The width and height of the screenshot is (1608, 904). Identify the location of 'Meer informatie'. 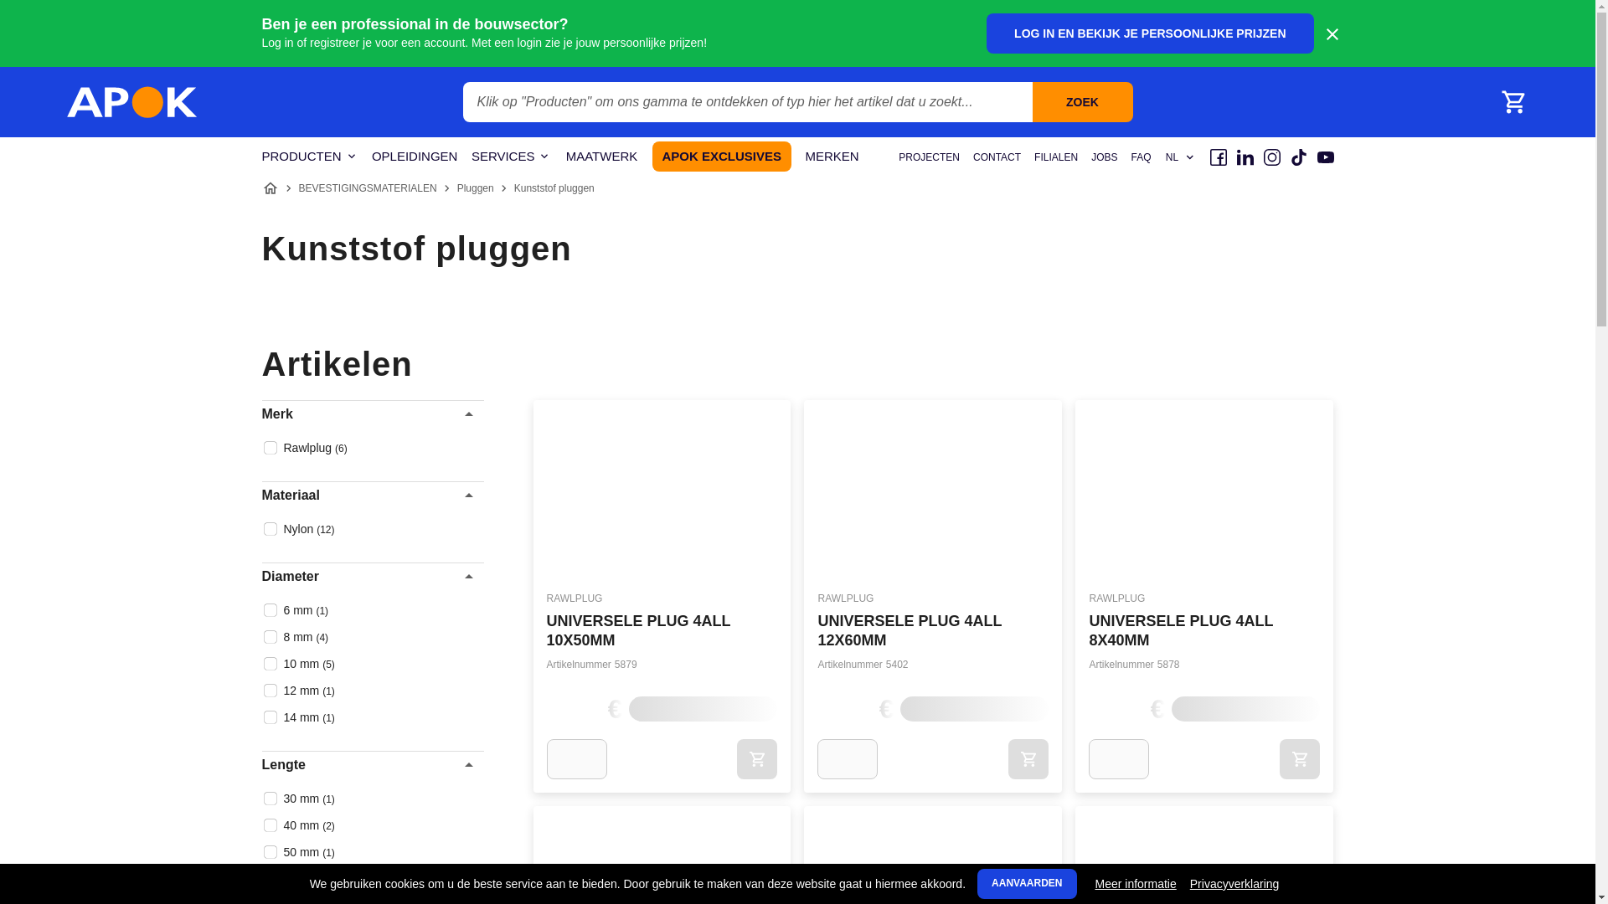
(1095, 883).